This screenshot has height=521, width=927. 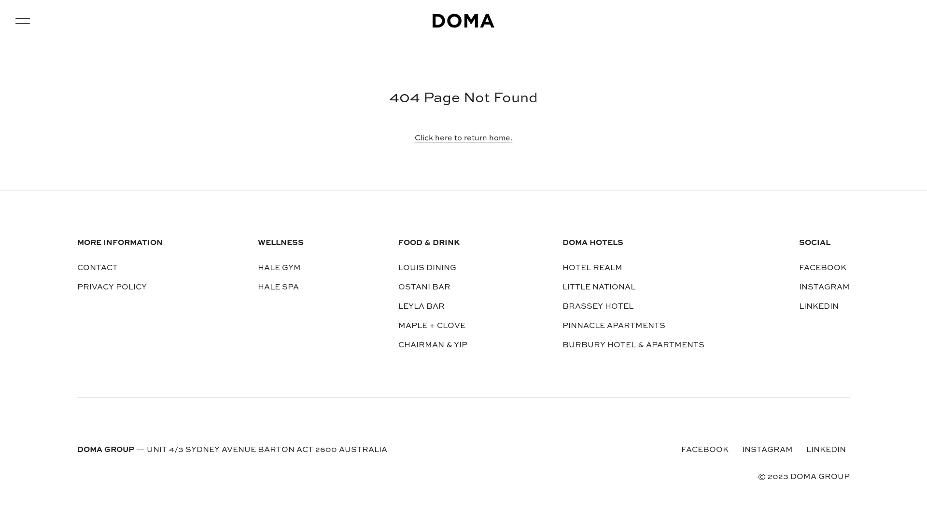 I want to click on 'CHAIRMAN & YIP', so click(x=432, y=345).